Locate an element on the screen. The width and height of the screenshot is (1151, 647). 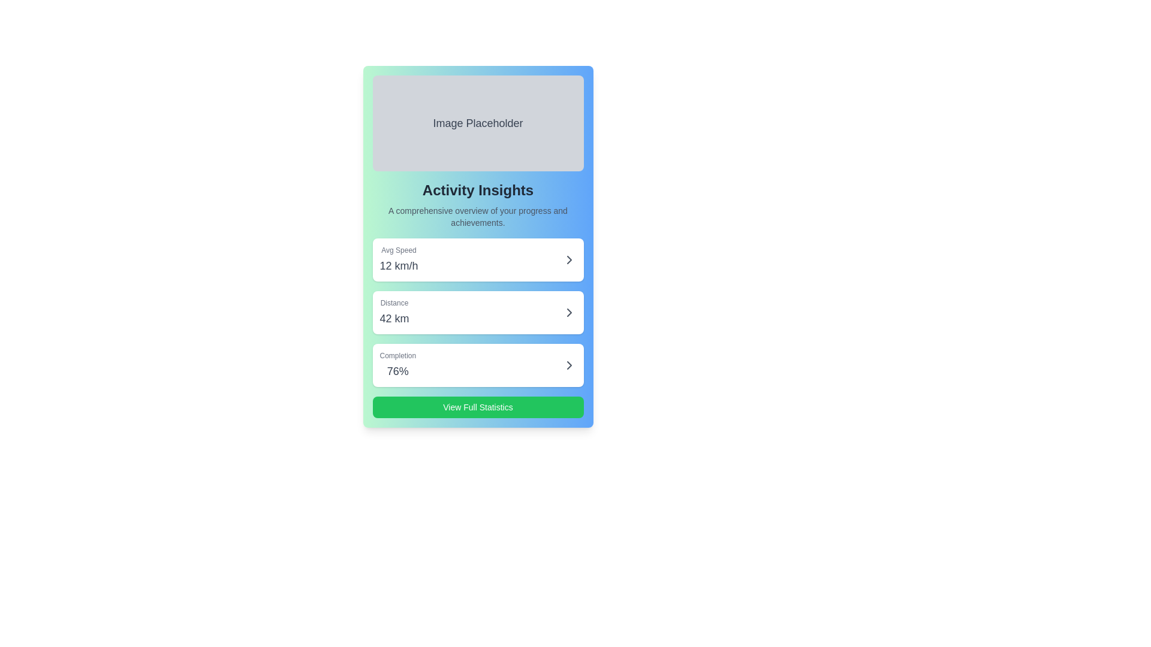
the gray-colored label with the text 'Distance' that is positioned above the numerical value '42 km' within the 'Activity Insights' section is located at coordinates (394, 302).